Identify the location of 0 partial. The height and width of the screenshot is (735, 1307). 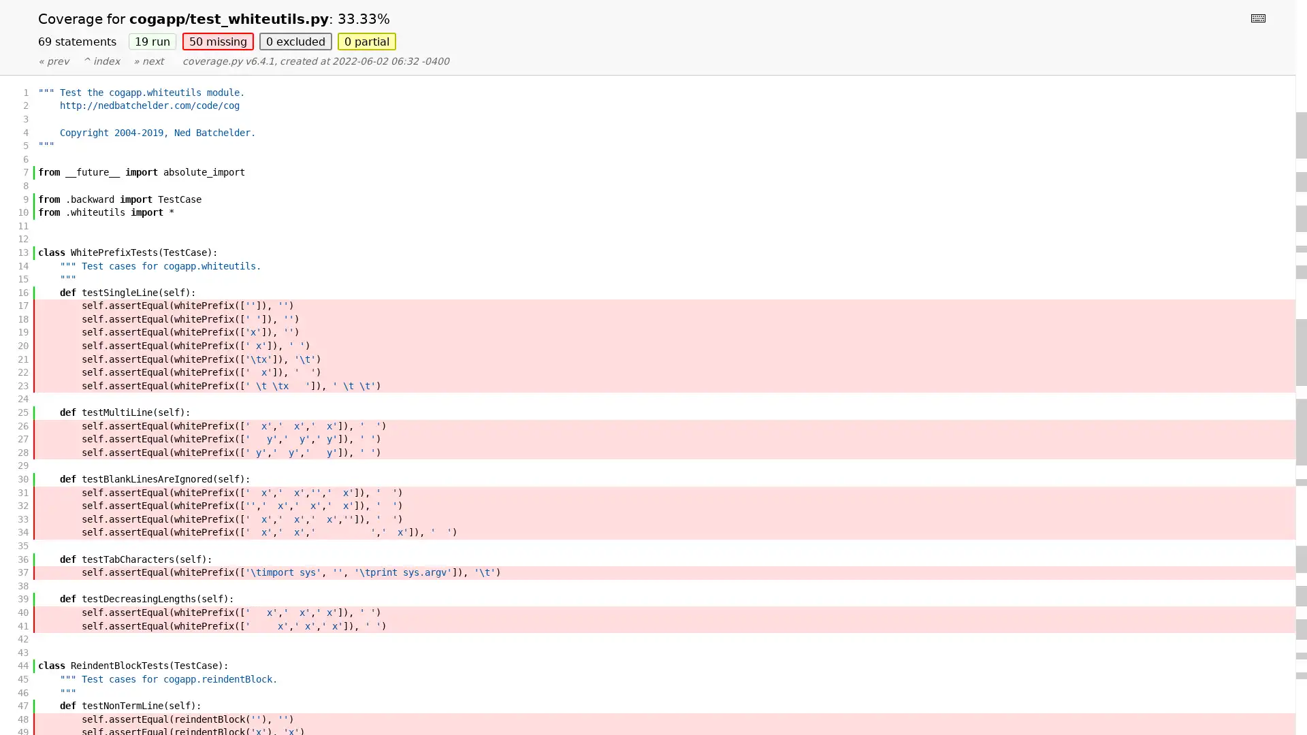
(366, 41).